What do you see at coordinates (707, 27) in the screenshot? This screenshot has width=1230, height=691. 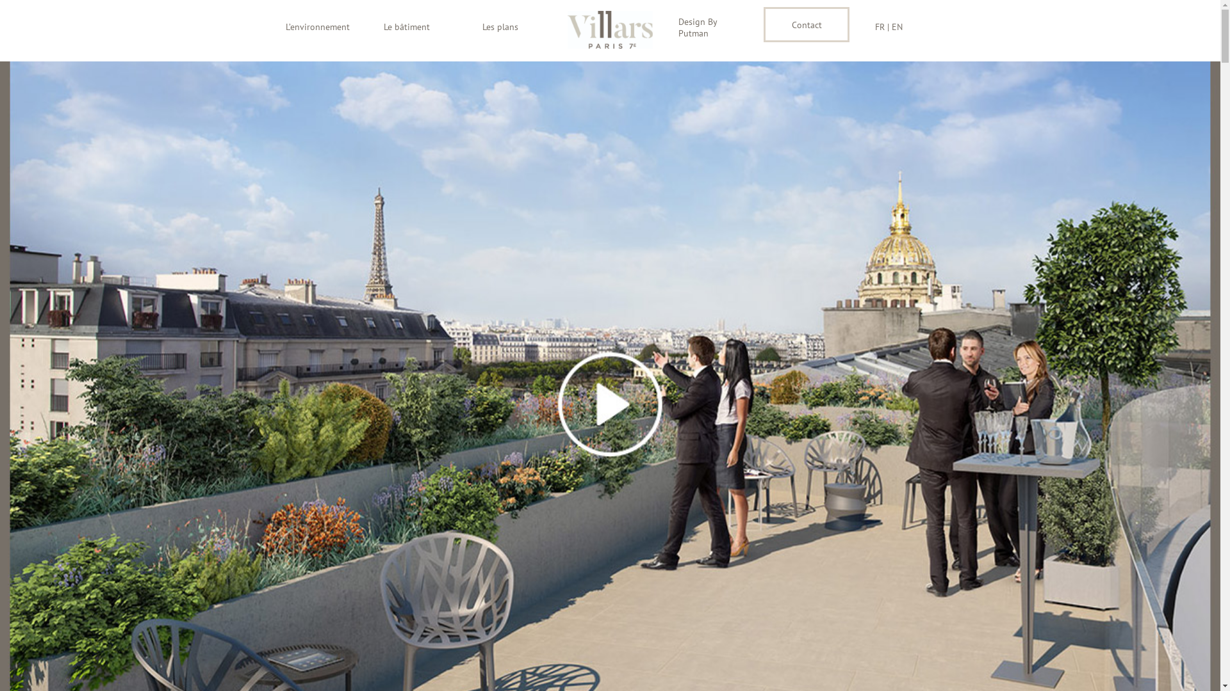 I see `'Design By Putman'` at bounding box center [707, 27].